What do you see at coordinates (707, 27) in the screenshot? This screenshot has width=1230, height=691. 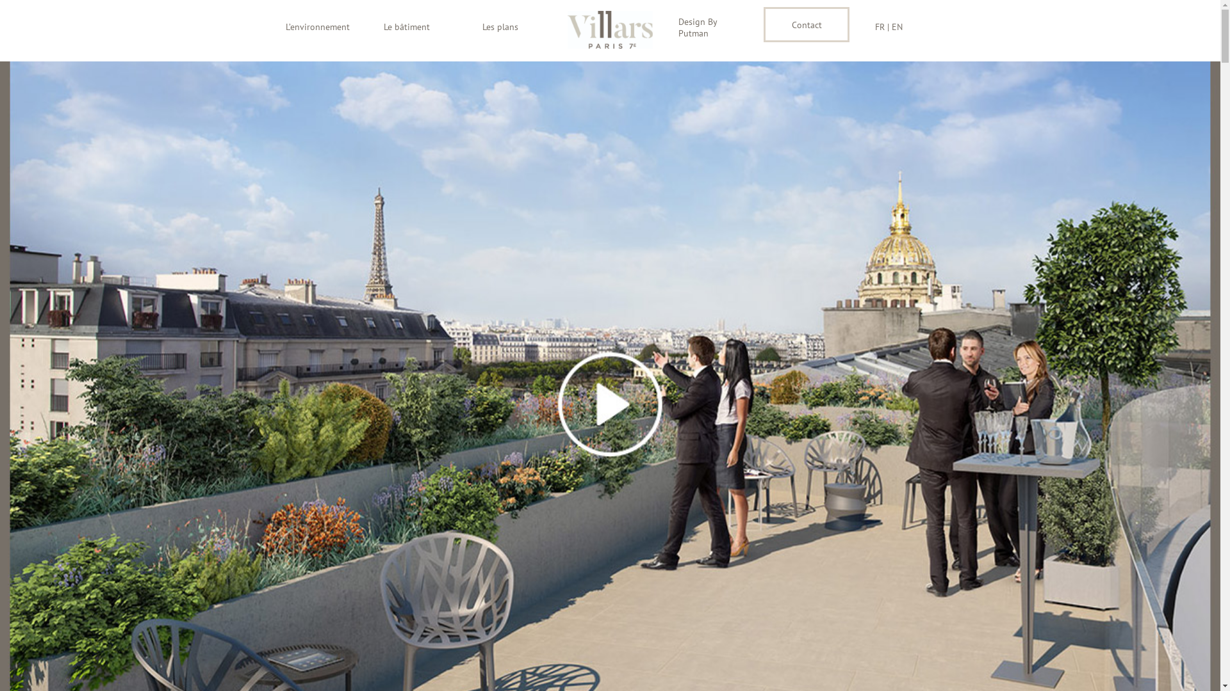 I see `'Design By Putman'` at bounding box center [707, 27].